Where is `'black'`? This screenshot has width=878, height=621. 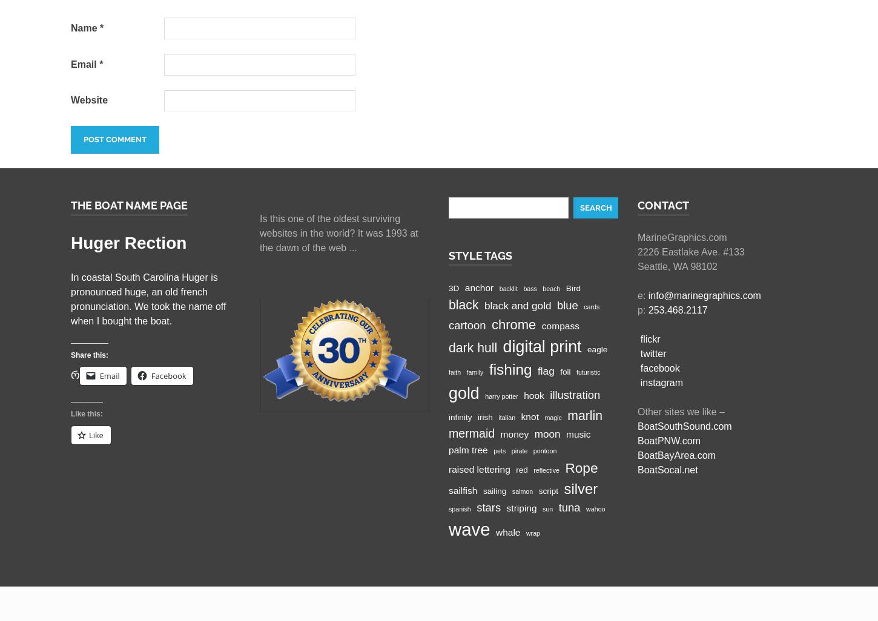
'black' is located at coordinates (463, 304).